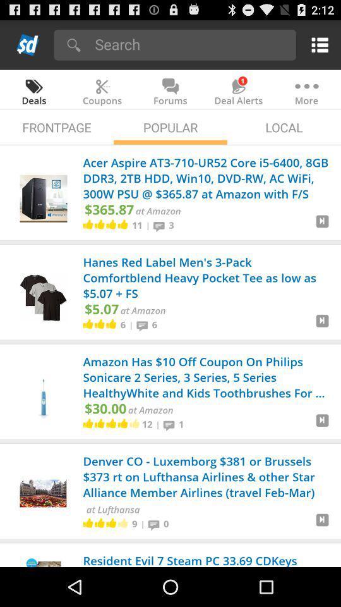 Image resolution: width=341 pixels, height=607 pixels. What do you see at coordinates (322, 425) in the screenshot?
I see `switch to select` at bounding box center [322, 425].